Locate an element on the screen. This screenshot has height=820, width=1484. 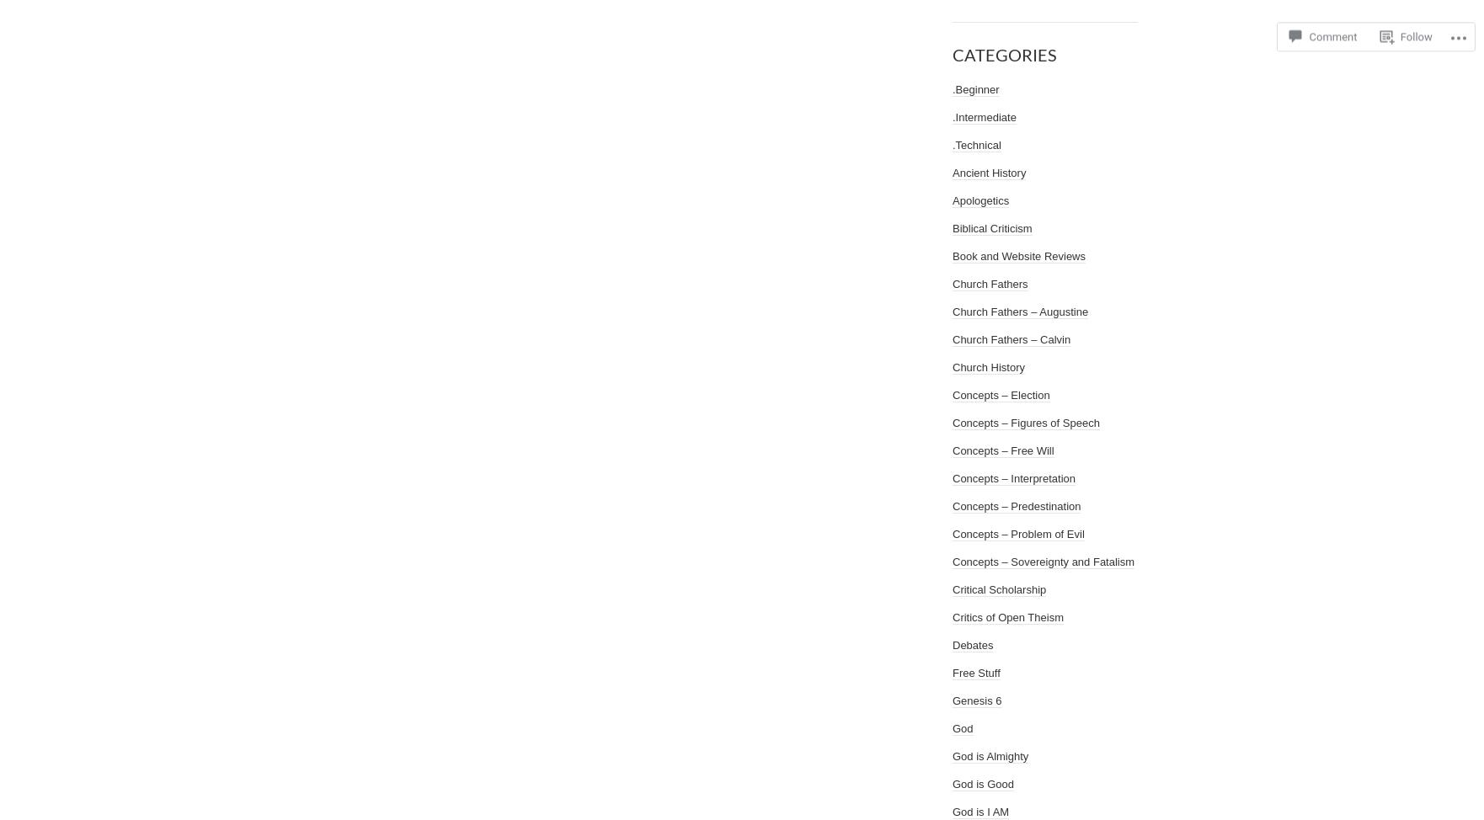
'Concepts – Figures of Speech' is located at coordinates (1026, 423).